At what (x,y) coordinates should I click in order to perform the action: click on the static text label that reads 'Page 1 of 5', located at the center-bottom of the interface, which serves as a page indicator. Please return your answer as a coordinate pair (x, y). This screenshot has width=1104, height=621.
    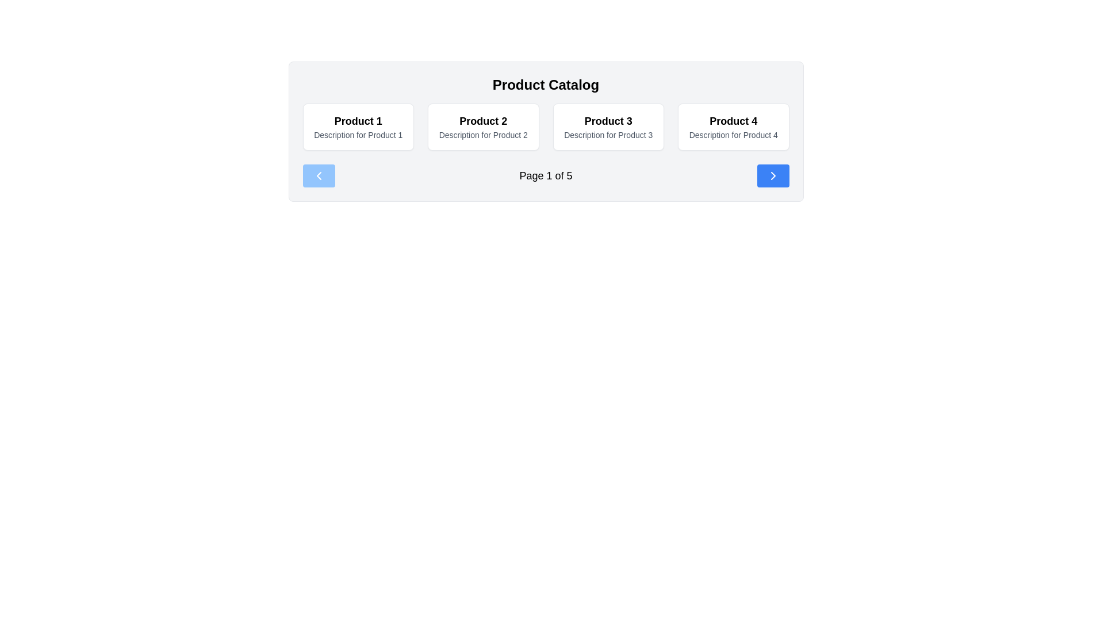
    Looking at the image, I should click on (545, 175).